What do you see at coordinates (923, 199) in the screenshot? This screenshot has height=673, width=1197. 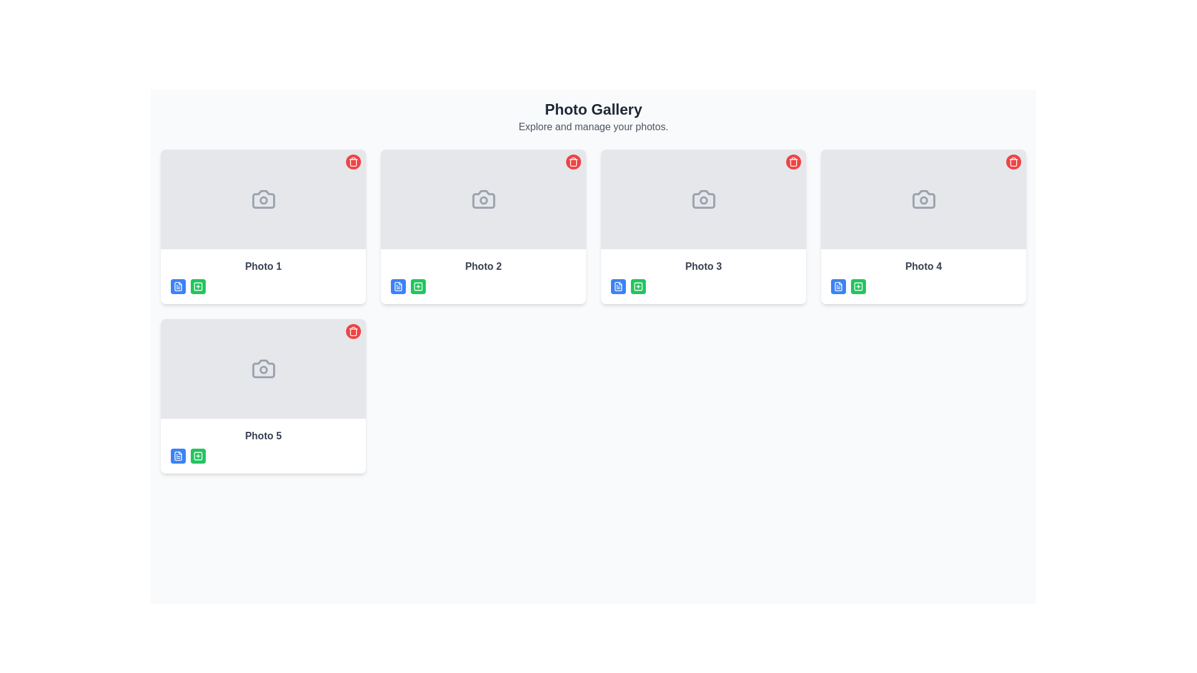 I see `the light gray rectangular box with a camera icon, which is located in the top-right corner of the 'Photo 4' card in the Photo Gallery grid` at bounding box center [923, 199].